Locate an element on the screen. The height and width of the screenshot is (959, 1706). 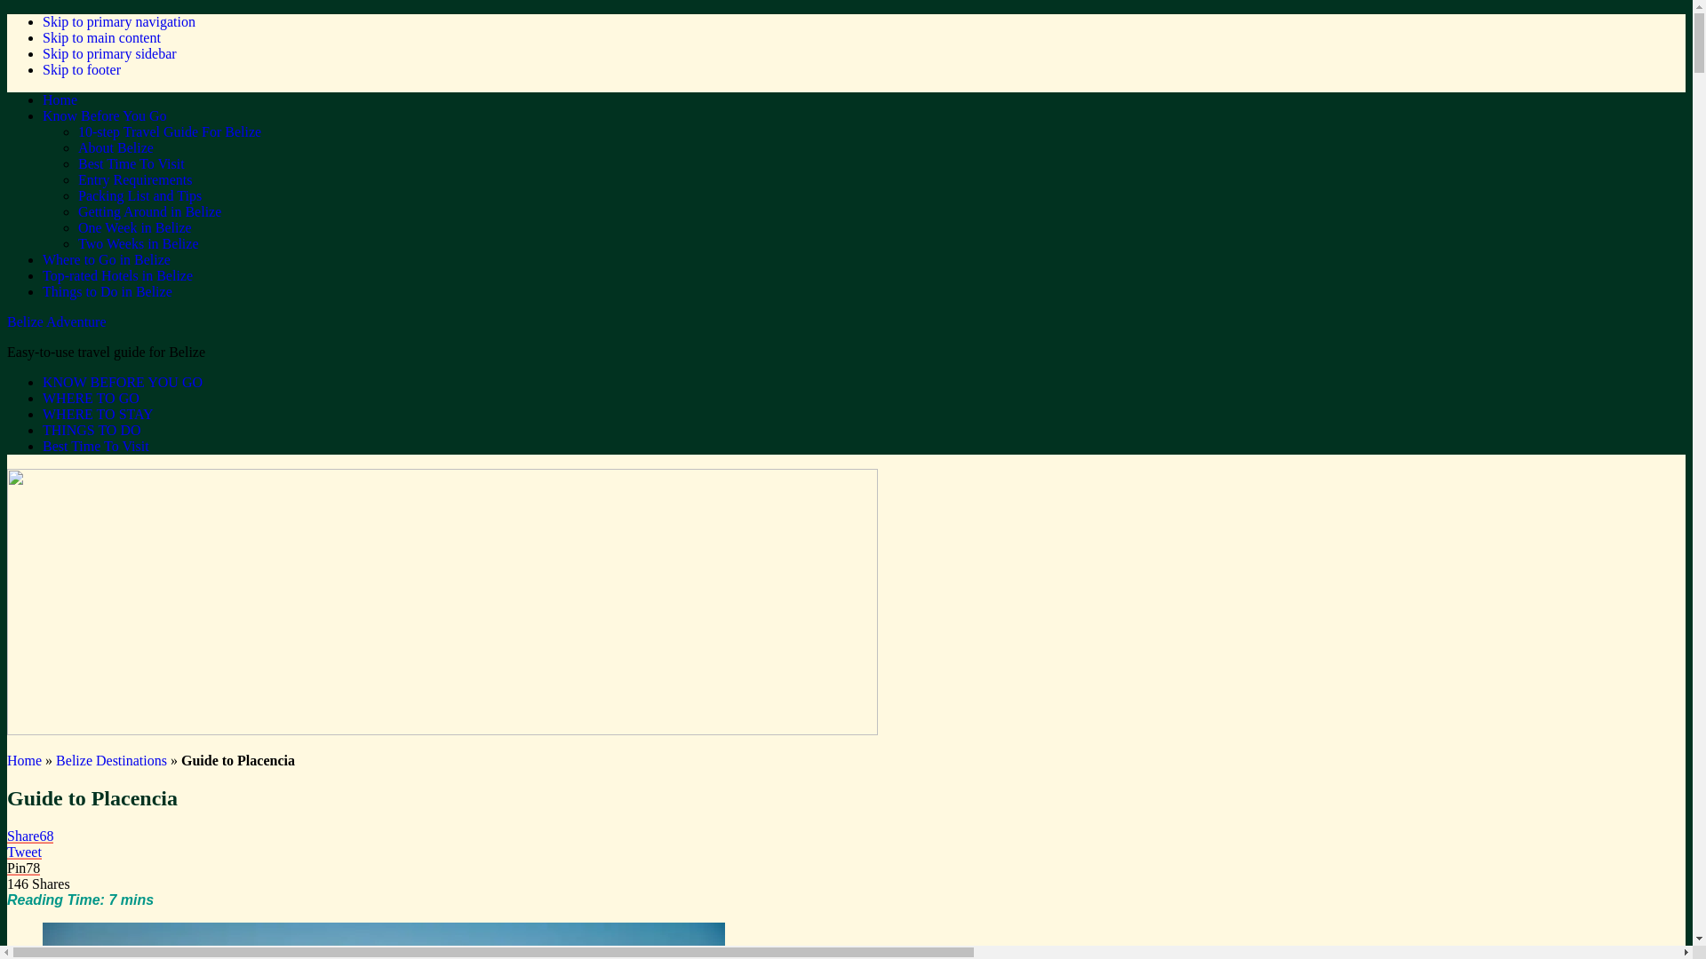
'Share68' is located at coordinates (7, 836).